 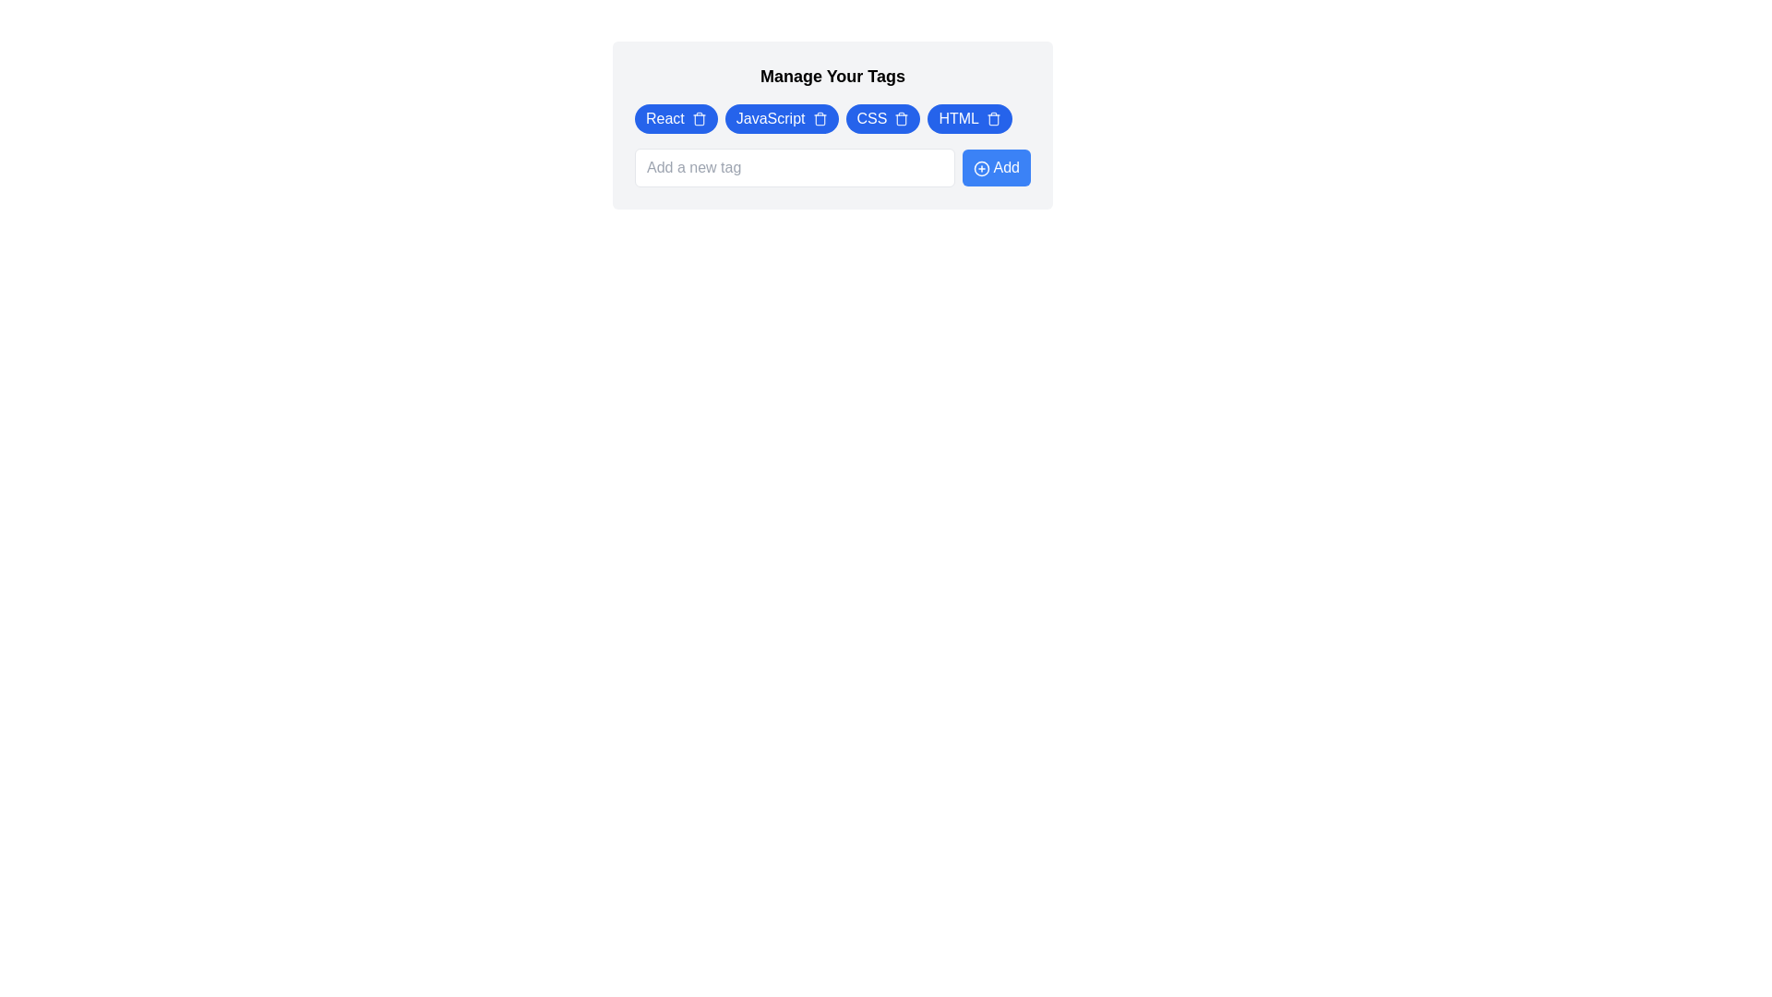 I want to click on the 'HTML' tag element, which is the last button in the horizontal sequence of blue buttons within the 'Manage Your Tags' section, so click(x=969, y=118).